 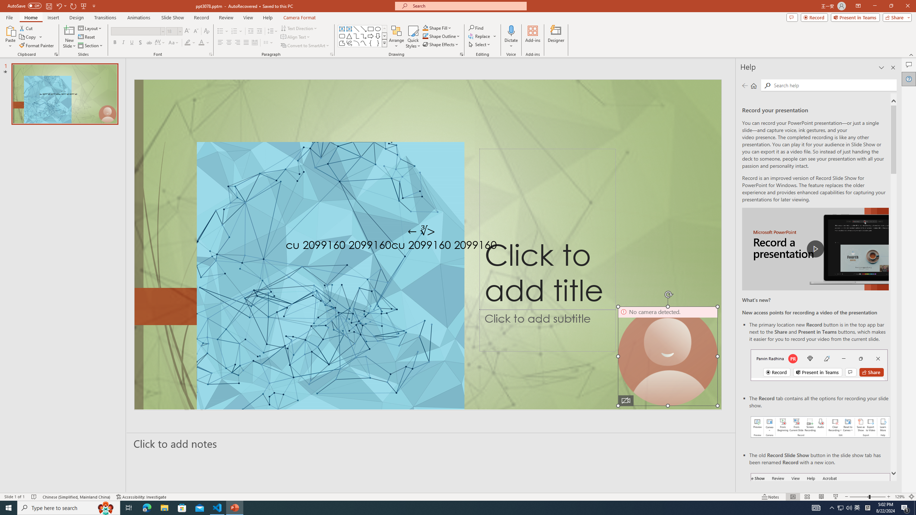 I want to click on 'Shapes', so click(x=385, y=43).